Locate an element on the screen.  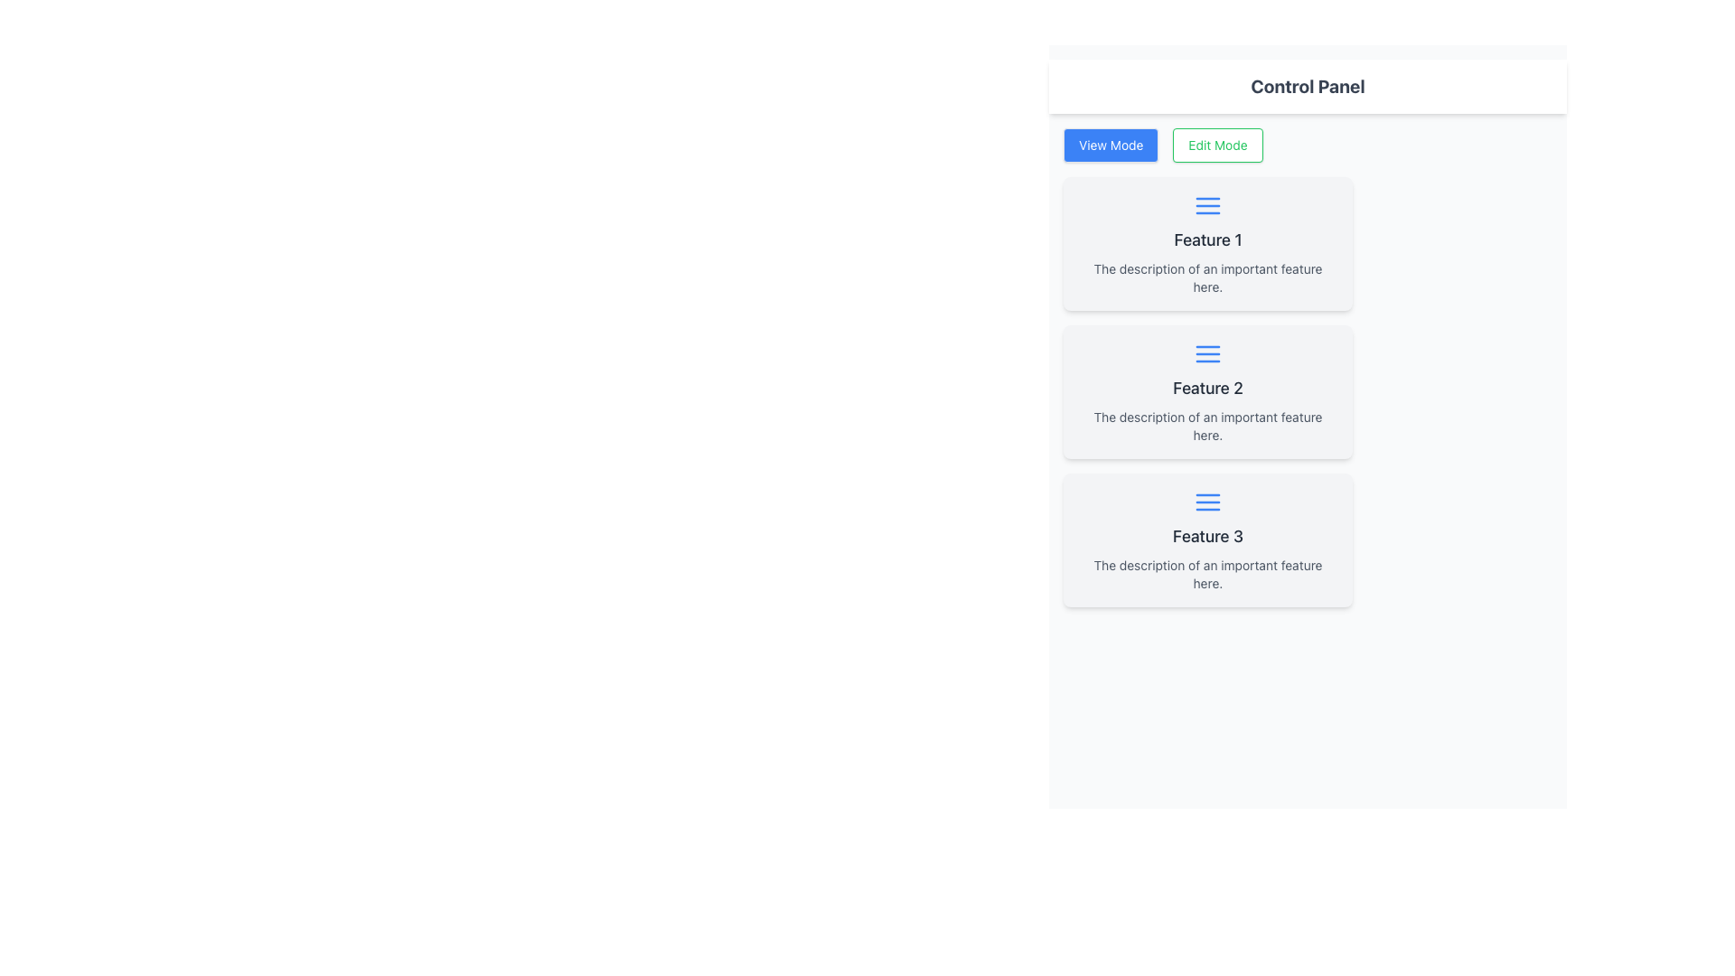
the text component displaying 'Feature 3' in bold, medium-gray color, located within a card interface, underneath an icon and above descriptive text is located at coordinates (1208, 536).